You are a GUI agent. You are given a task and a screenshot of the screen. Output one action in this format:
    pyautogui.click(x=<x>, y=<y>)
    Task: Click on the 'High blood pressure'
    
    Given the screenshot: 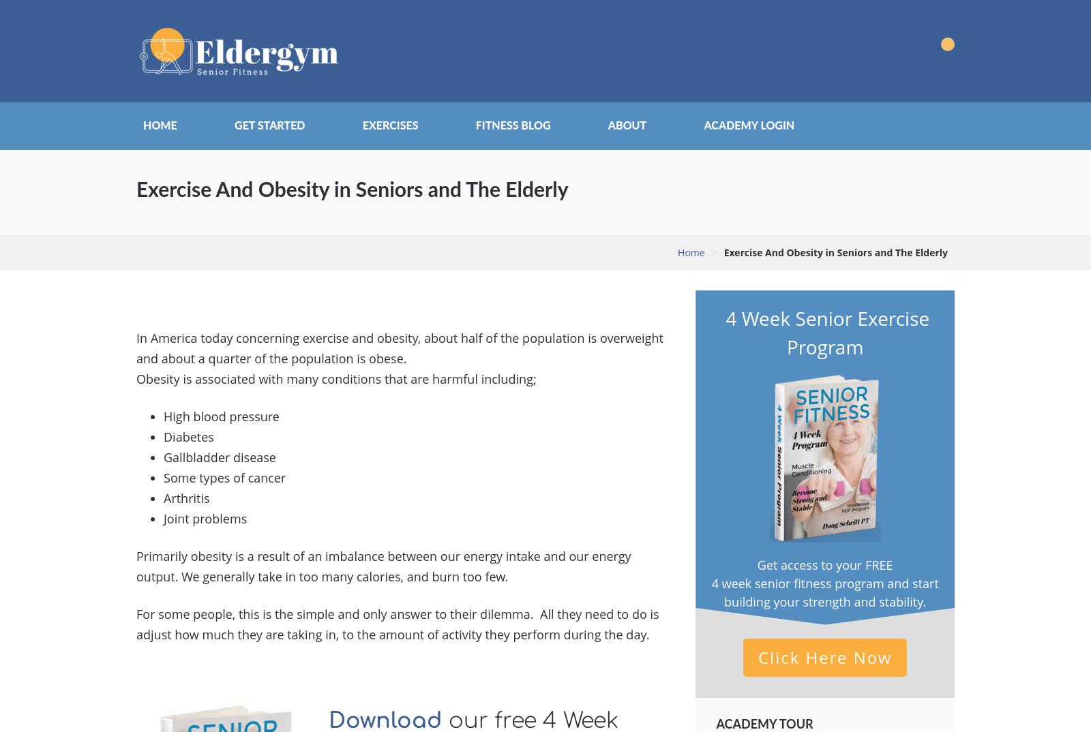 What is the action you would take?
    pyautogui.click(x=221, y=416)
    